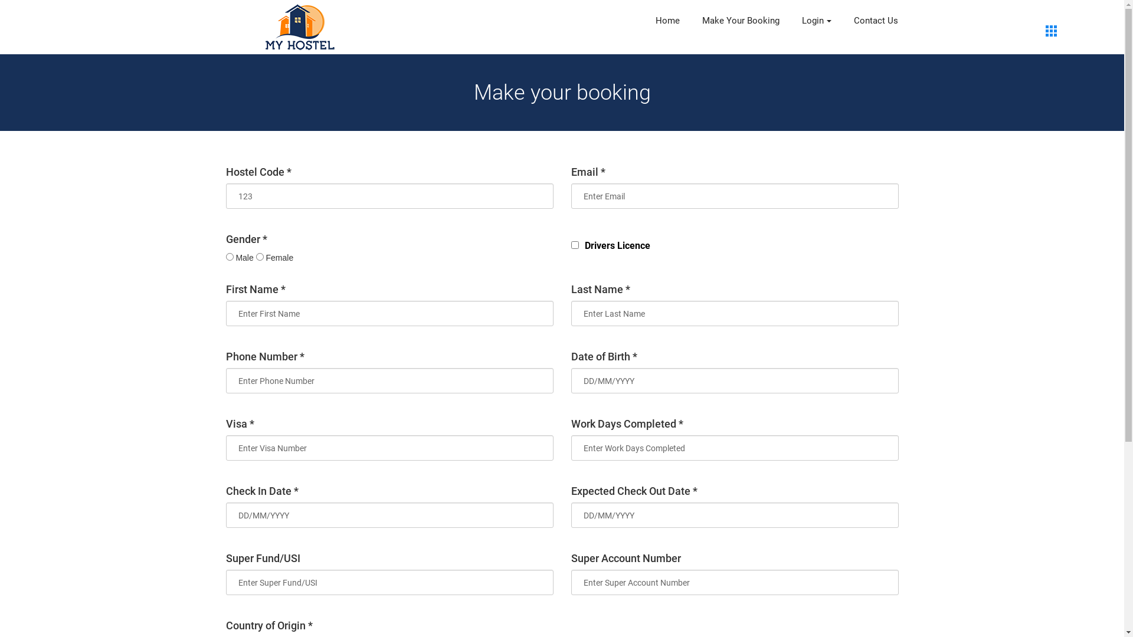  What do you see at coordinates (875, 21) in the screenshot?
I see `'Contact Us'` at bounding box center [875, 21].